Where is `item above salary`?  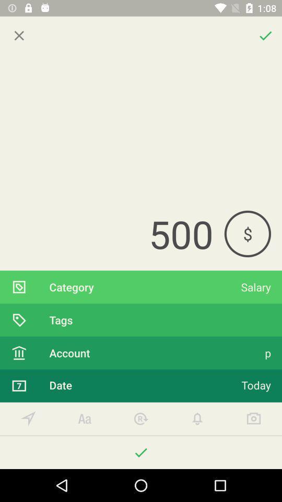 item above salary is located at coordinates (247, 234).